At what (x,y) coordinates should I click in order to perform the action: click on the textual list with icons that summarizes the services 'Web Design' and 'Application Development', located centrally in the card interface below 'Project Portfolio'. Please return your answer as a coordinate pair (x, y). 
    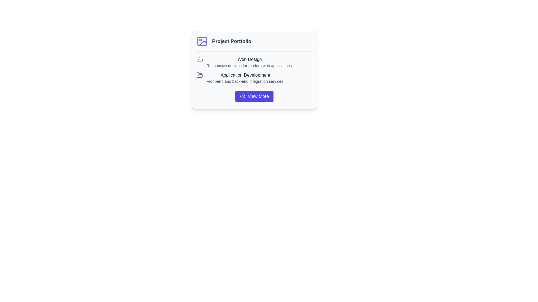
    Looking at the image, I should click on (254, 70).